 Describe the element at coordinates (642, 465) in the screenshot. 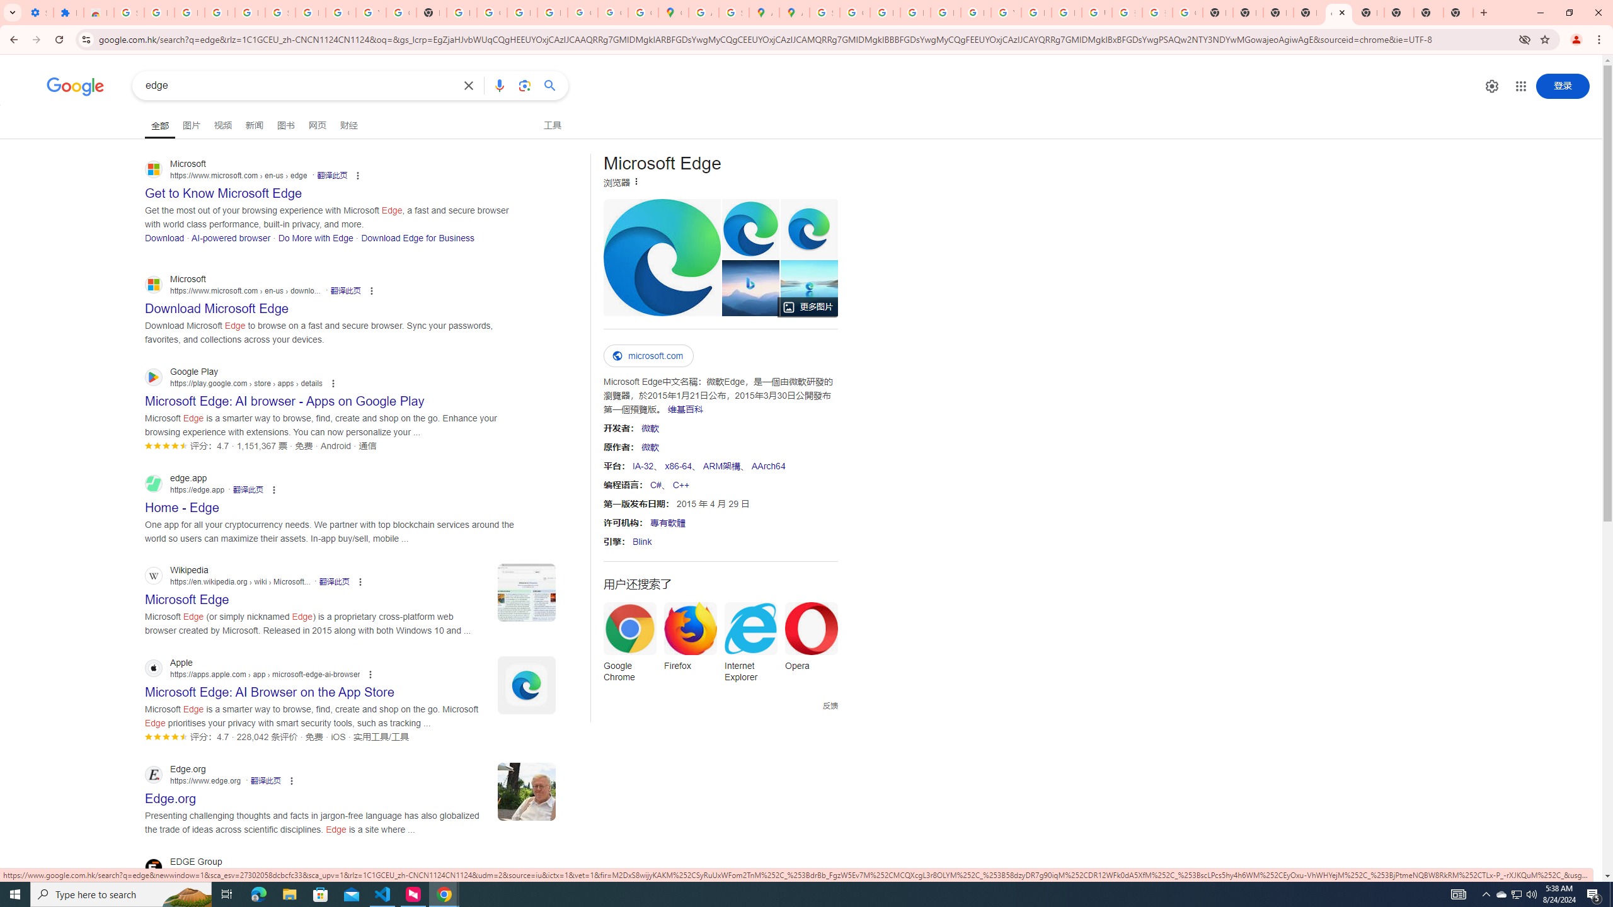

I see `'IA-32'` at that location.